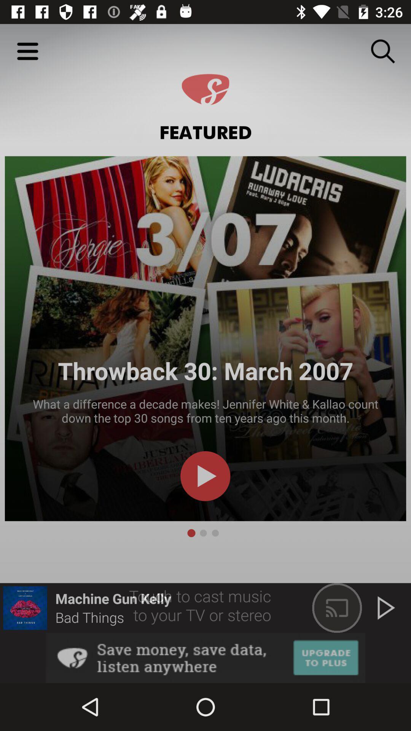 Image resolution: width=411 pixels, height=731 pixels. Describe the element at coordinates (205, 658) in the screenshot. I see `the advertisement` at that location.